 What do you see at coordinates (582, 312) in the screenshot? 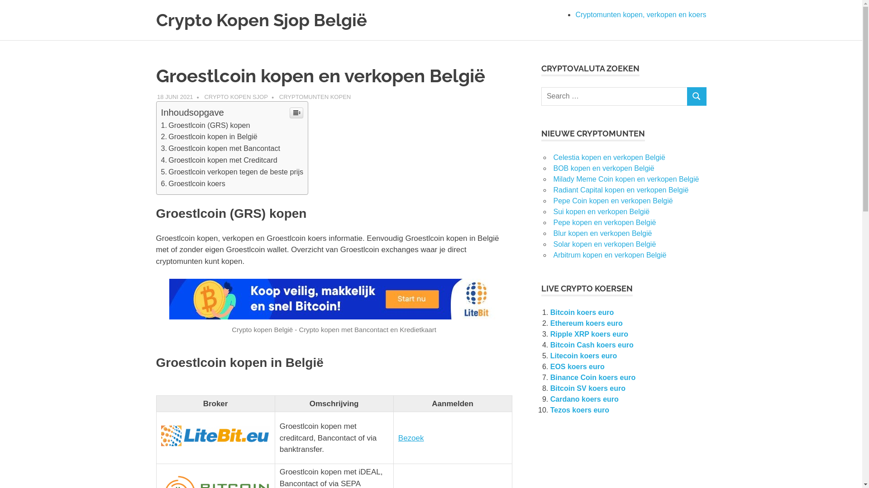
I see `'Bitcoin koers euro'` at bounding box center [582, 312].